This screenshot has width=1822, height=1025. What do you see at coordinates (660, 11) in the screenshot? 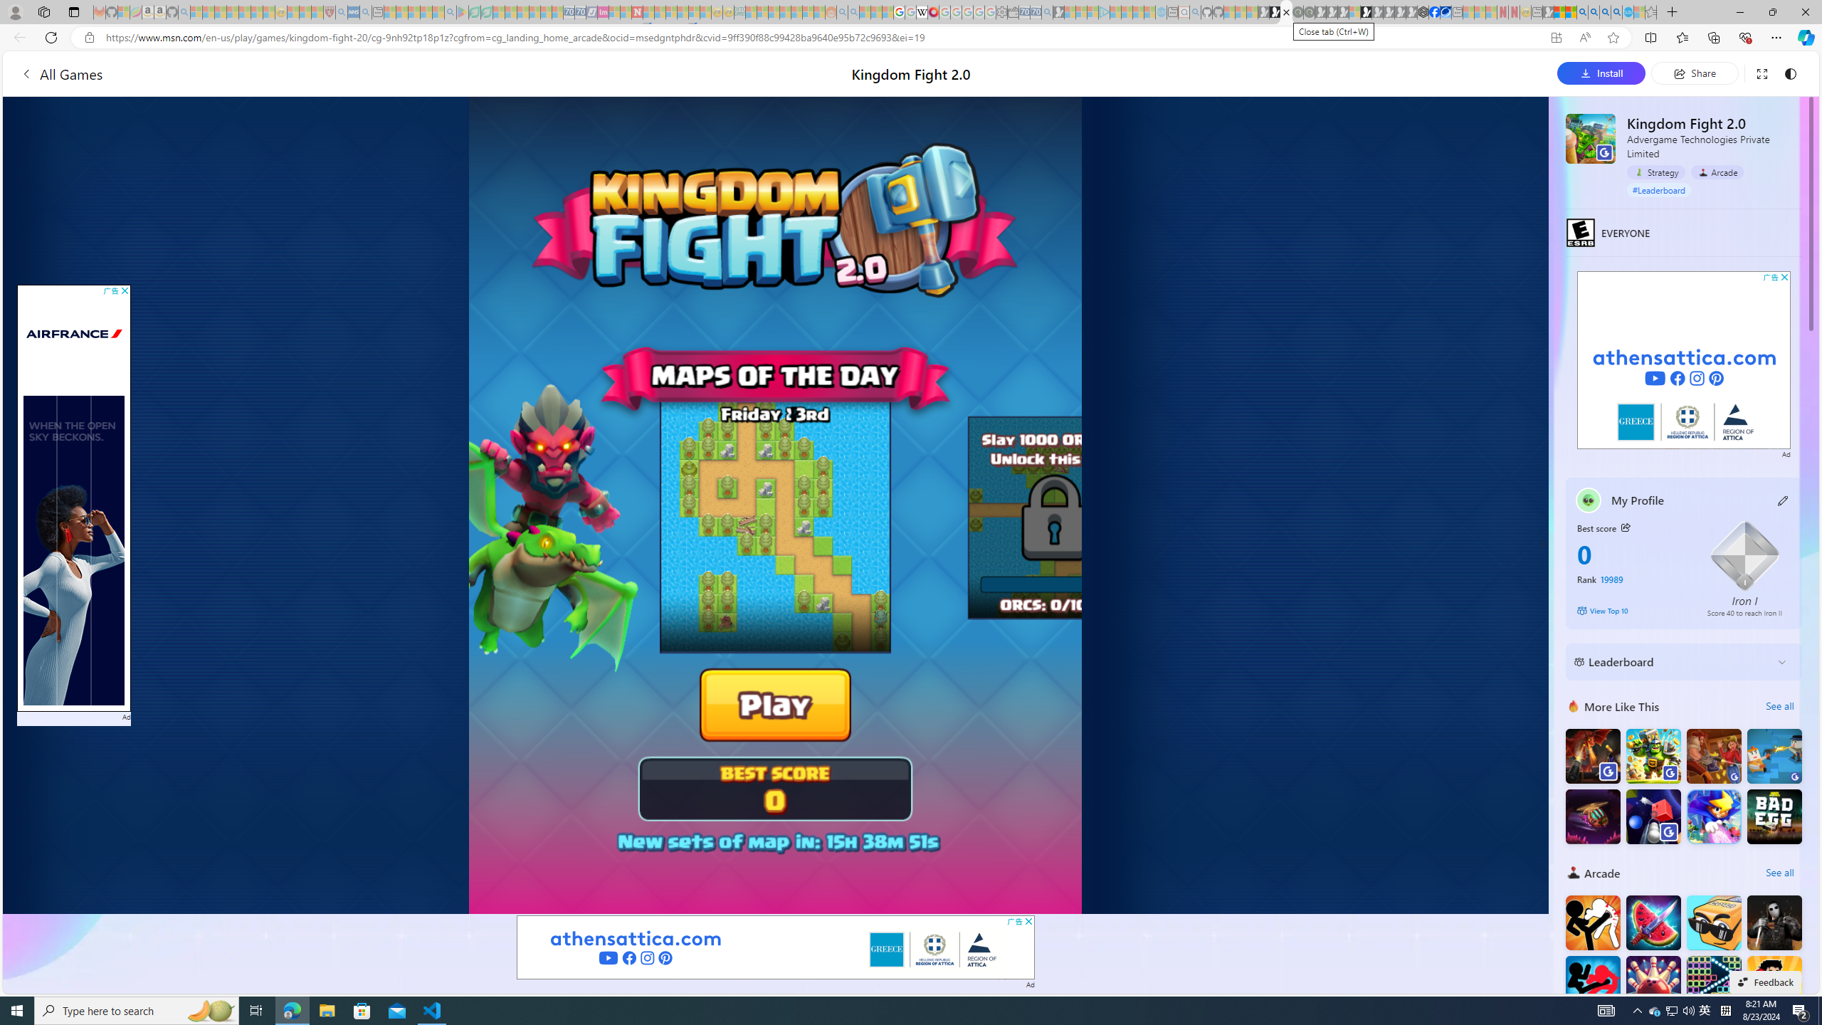
I see `'14 Common Myths Debunked By Scientific Facts - Sleeping'` at bounding box center [660, 11].